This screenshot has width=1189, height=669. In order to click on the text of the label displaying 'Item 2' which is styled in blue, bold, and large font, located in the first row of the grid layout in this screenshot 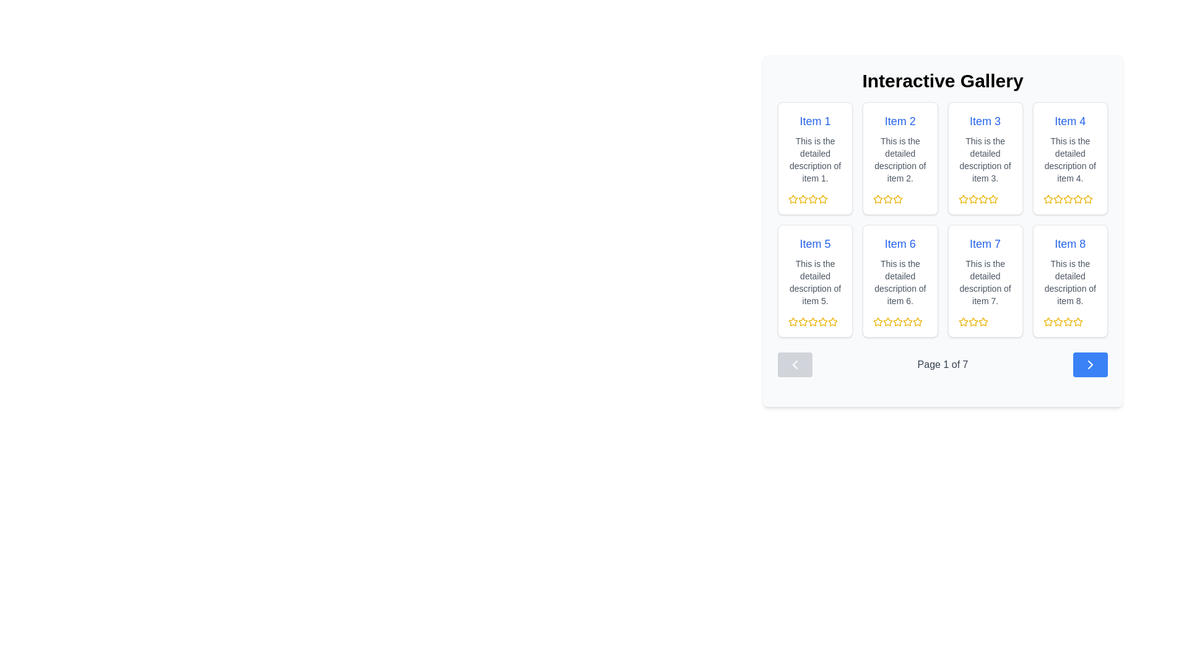, I will do `click(900, 121)`.